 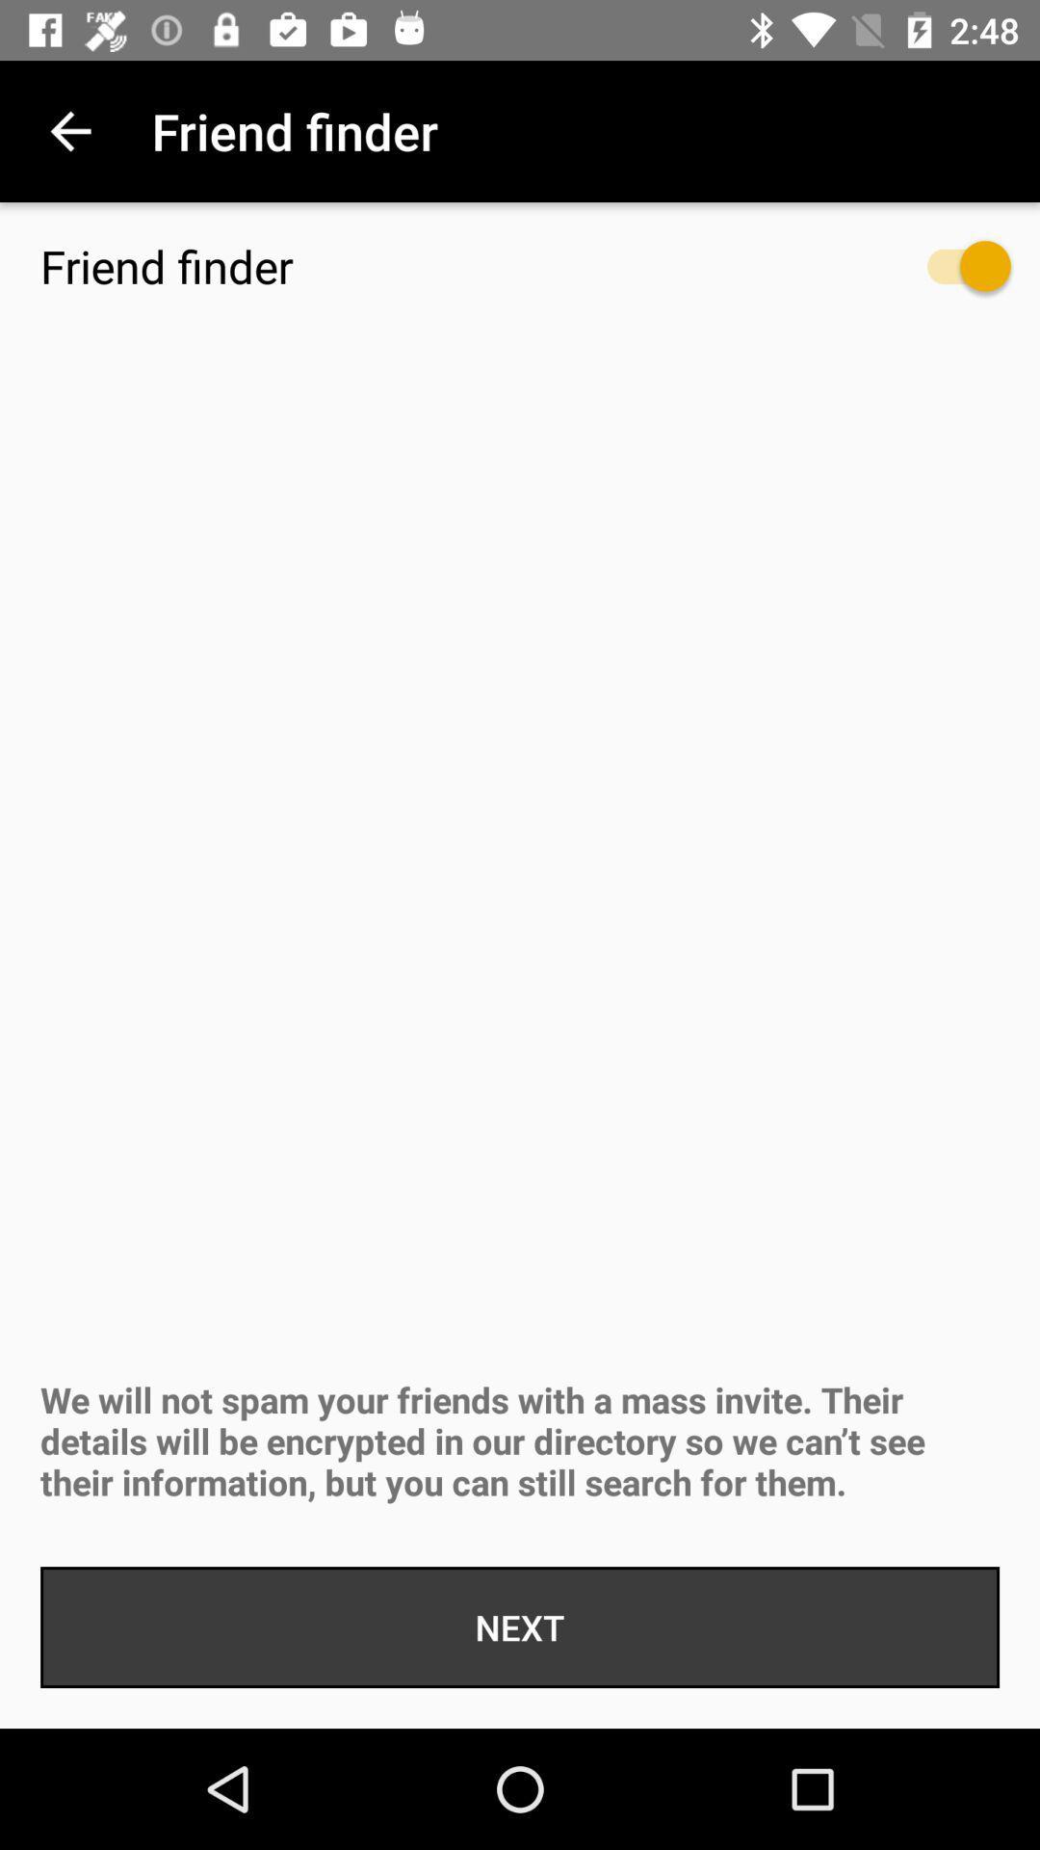 I want to click on icon above the we will not item, so click(x=949, y=275).